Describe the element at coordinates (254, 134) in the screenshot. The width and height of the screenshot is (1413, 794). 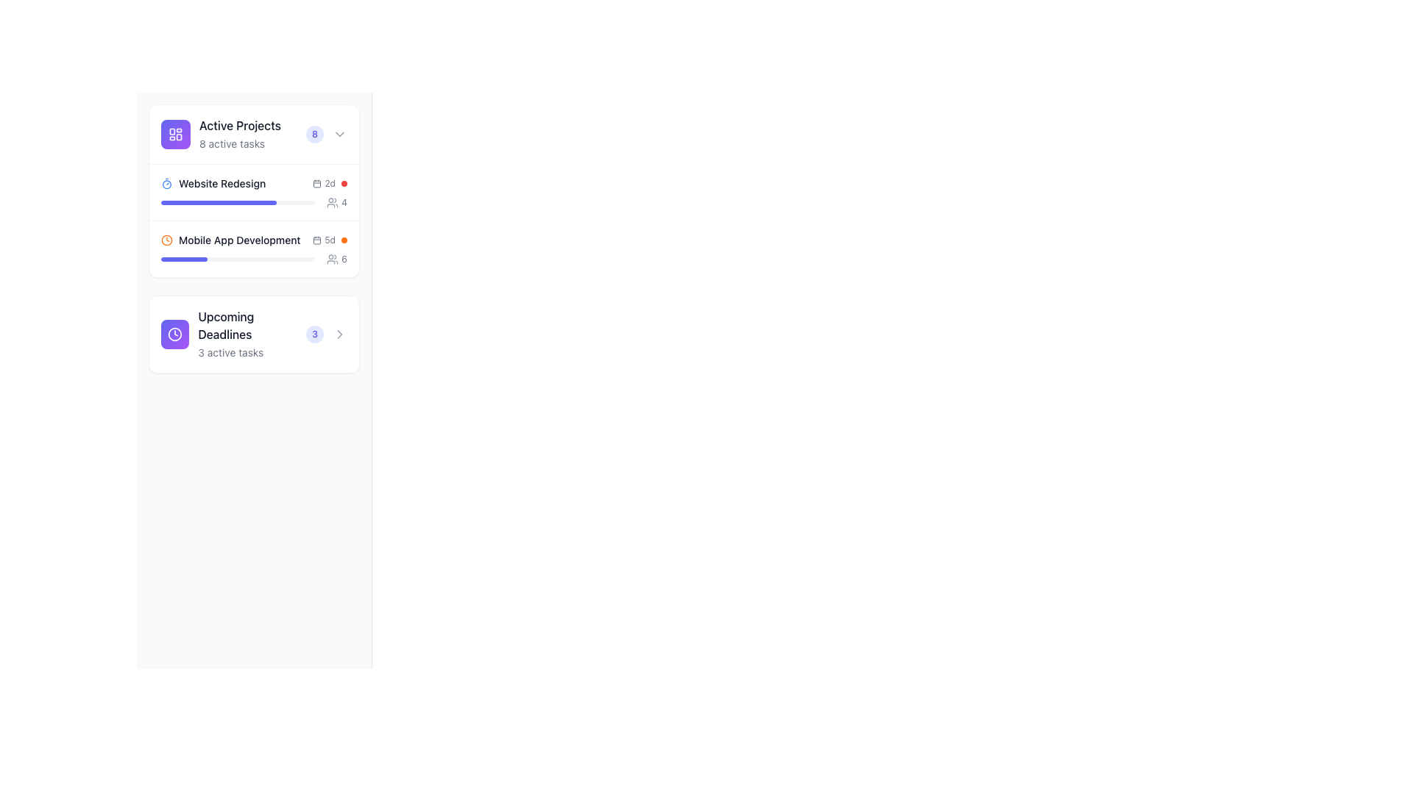
I see `the 'Active Projects' header` at that location.